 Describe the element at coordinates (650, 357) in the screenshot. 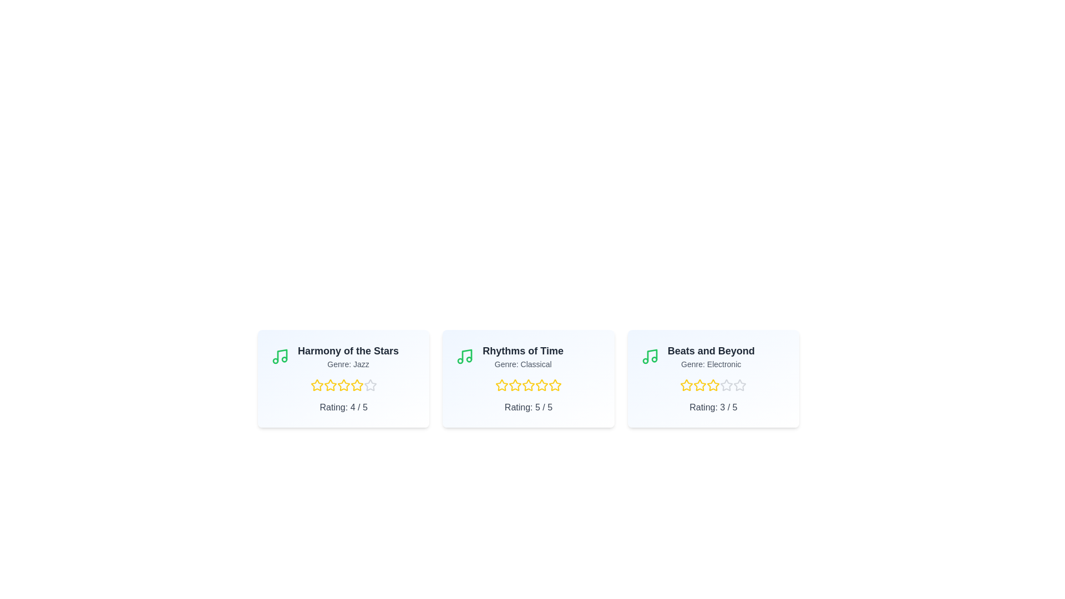

I see `the musical note icon for the album Beats and Beyond` at that location.